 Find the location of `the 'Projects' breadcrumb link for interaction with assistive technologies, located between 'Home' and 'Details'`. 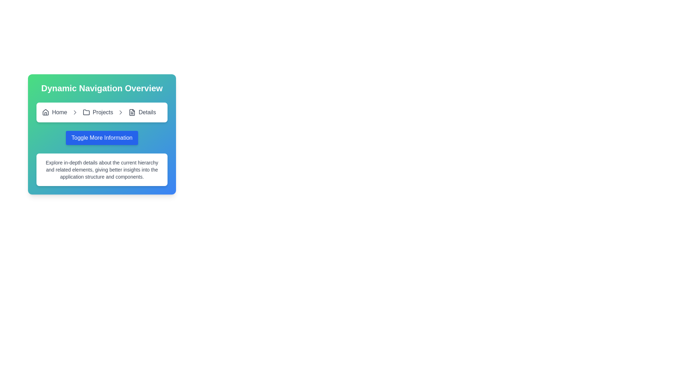

the 'Projects' breadcrumb link for interaction with assistive technologies, located between 'Home' and 'Details' is located at coordinates (97, 112).